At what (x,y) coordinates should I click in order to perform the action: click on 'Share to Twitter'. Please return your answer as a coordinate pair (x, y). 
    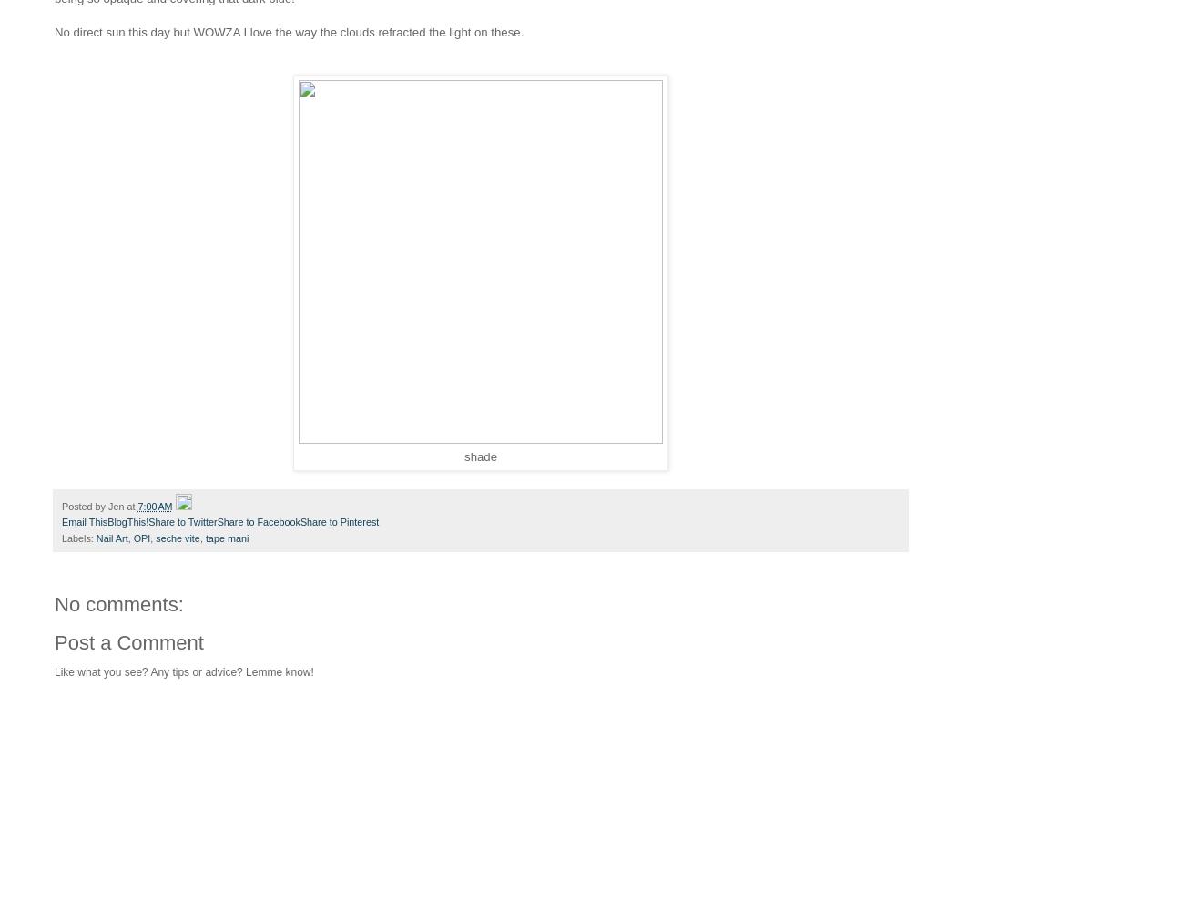
    Looking at the image, I should click on (182, 521).